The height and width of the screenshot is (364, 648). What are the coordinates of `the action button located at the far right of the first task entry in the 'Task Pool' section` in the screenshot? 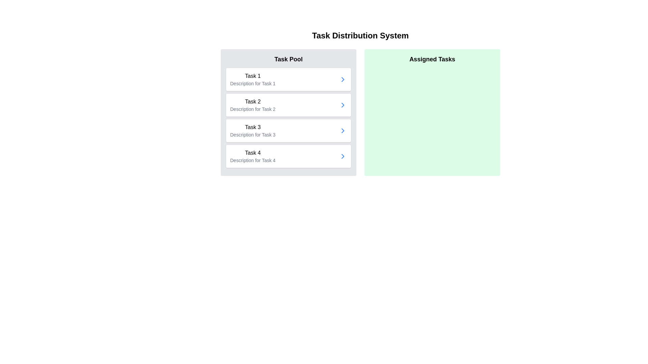 It's located at (343, 79).